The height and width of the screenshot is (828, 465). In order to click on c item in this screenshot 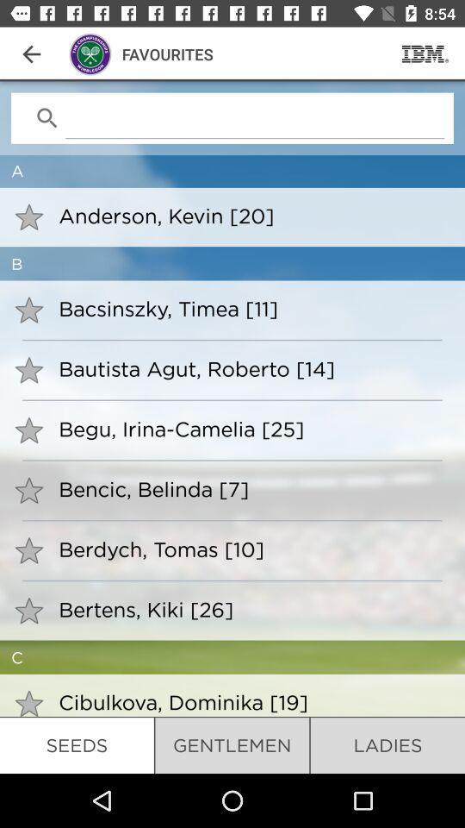, I will do `click(232, 656)`.